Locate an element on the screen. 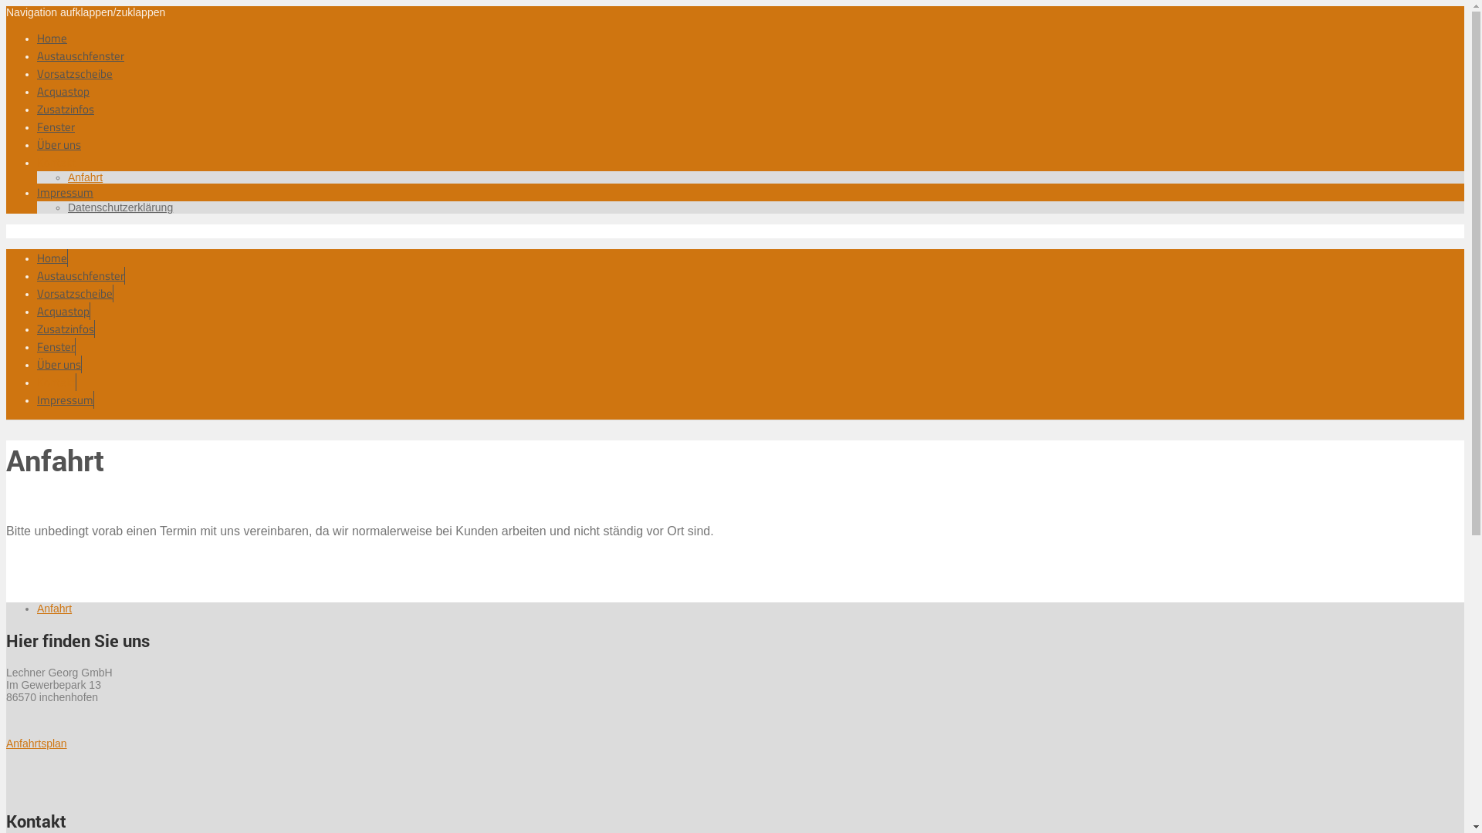 Image resolution: width=1482 pixels, height=833 pixels. 'Home' is located at coordinates (37, 257).